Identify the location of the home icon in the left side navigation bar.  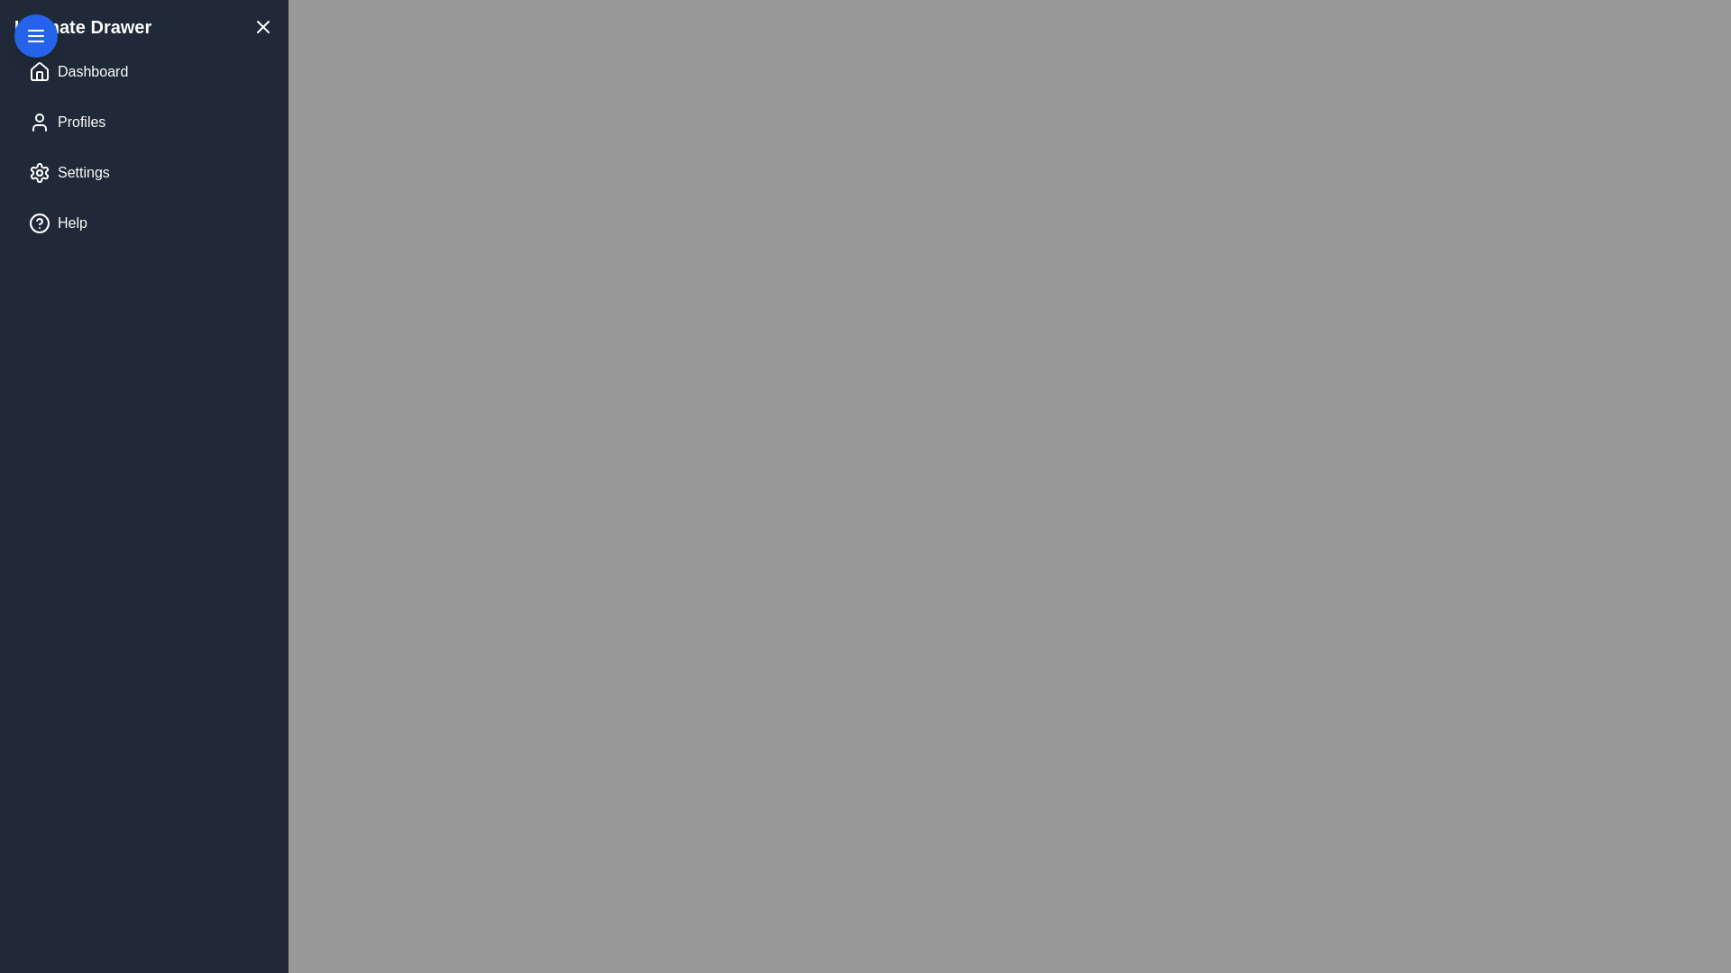
(39, 71).